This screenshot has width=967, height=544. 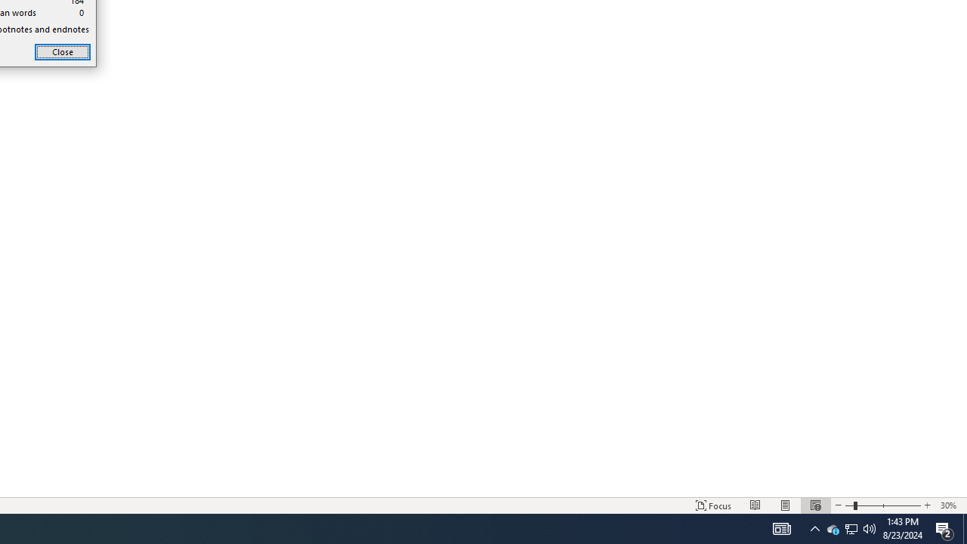 I want to click on 'Q2790: 100%', so click(x=870, y=527).